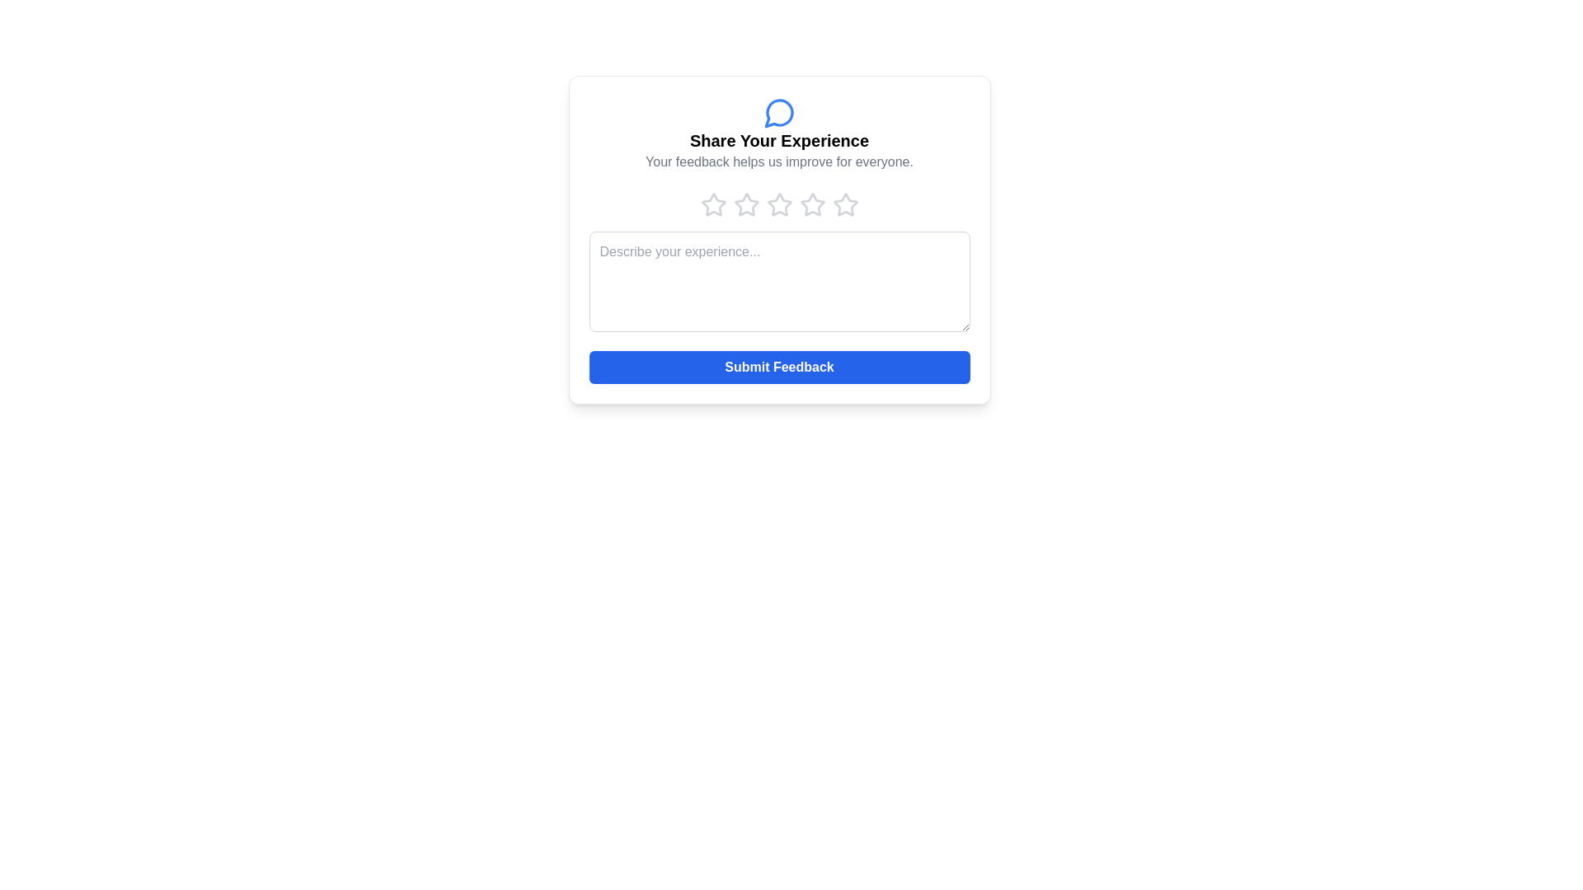  What do you see at coordinates (713, 204) in the screenshot?
I see `the first star icon in the horizontal sequence of five rating stars to emphasize its interactivity` at bounding box center [713, 204].